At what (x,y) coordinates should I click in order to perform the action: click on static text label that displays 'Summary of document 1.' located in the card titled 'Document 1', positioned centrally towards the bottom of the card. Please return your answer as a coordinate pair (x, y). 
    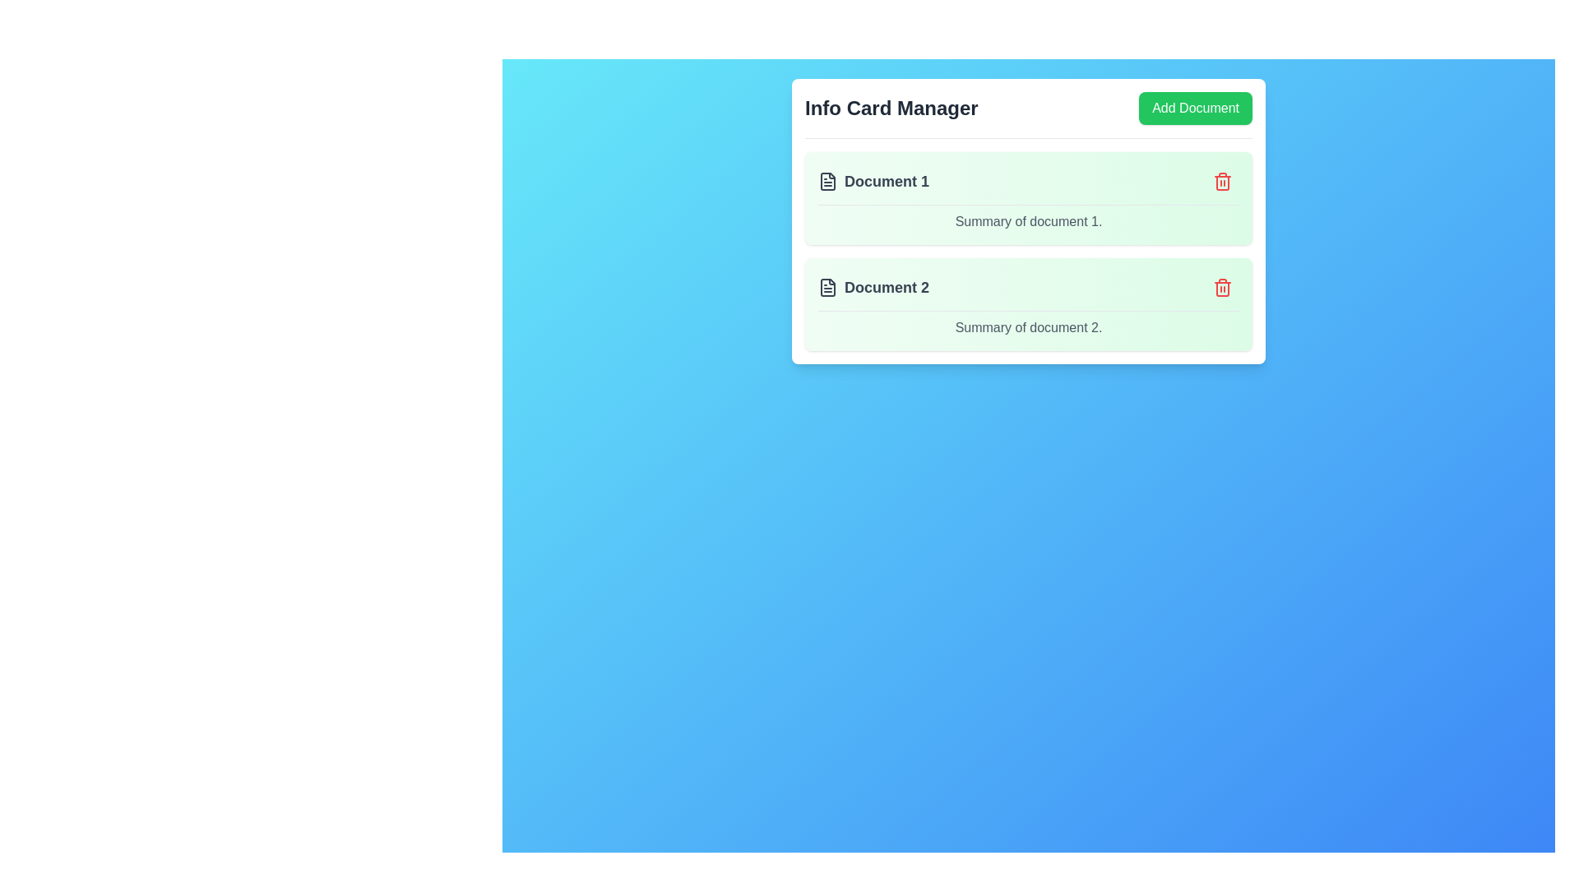
    Looking at the image, I should click on (1028, 222).